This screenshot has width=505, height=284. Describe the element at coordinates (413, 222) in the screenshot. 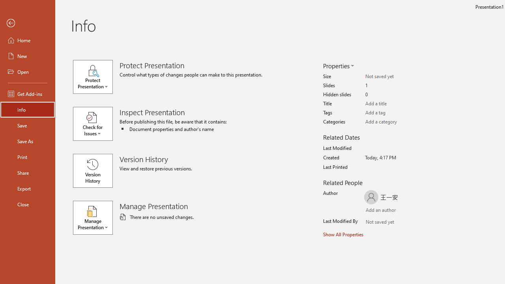

I see `'Browse Address Book'` at that location.